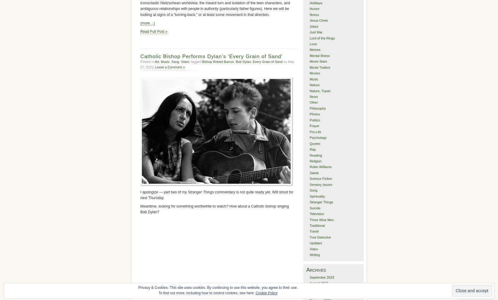 Image resolution: width=498 pixels, height=300 pixels. What do you see at coordinates (202, 61) in the screenshot?
I see `'Bishop Robert Barron'` at bounding box center [202, 61].